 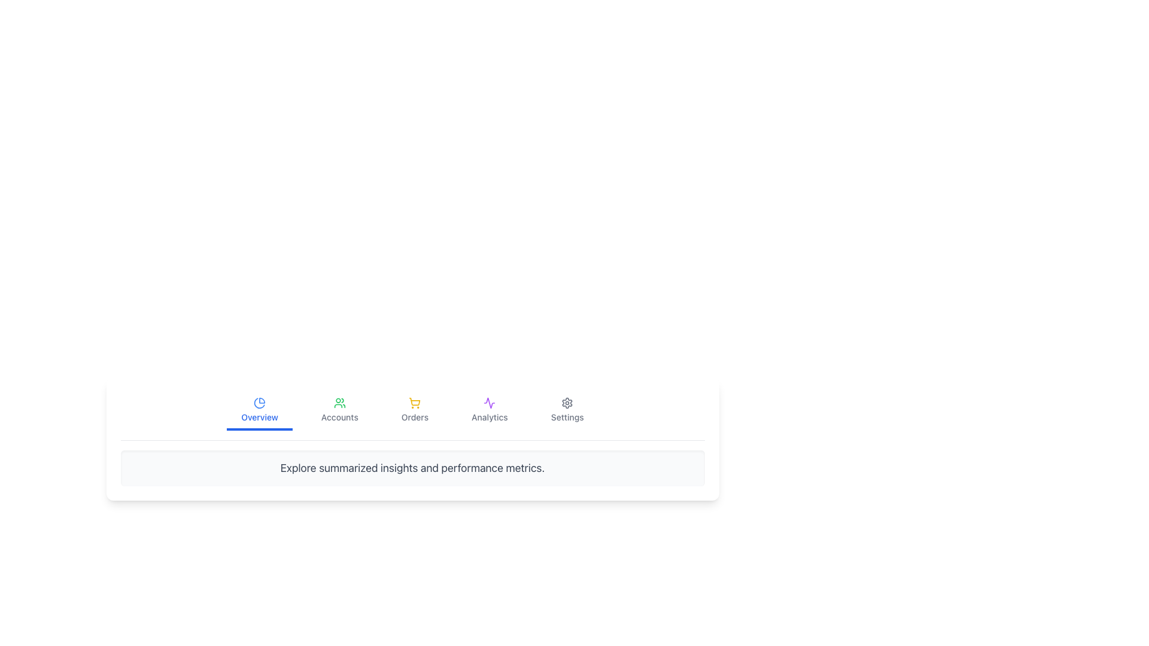 I want to click on the shopping cart icon representing the 'Orders' section in the navigation bar for keyboard interaction, so click(x=415, y=403).